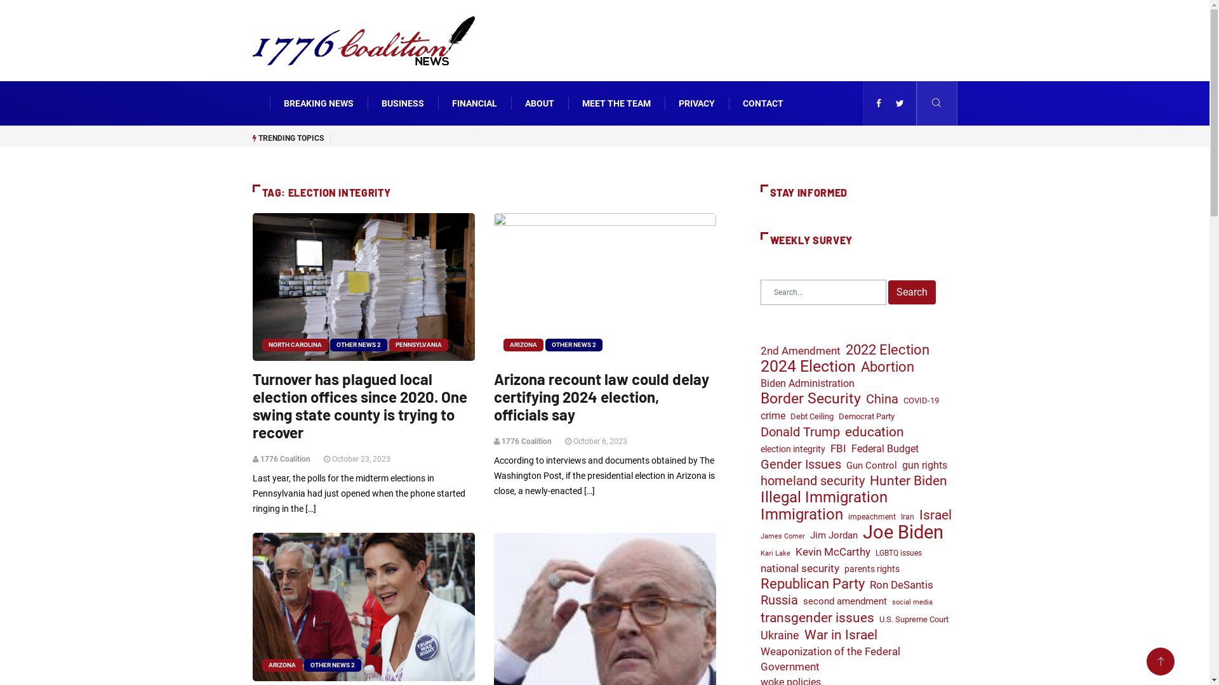 This screenshot has height=685, width=1219. What do you see at coordinates (865, 416) in the screenshot?
I see `'Democrat Party'` at bounding box center [865, 416].